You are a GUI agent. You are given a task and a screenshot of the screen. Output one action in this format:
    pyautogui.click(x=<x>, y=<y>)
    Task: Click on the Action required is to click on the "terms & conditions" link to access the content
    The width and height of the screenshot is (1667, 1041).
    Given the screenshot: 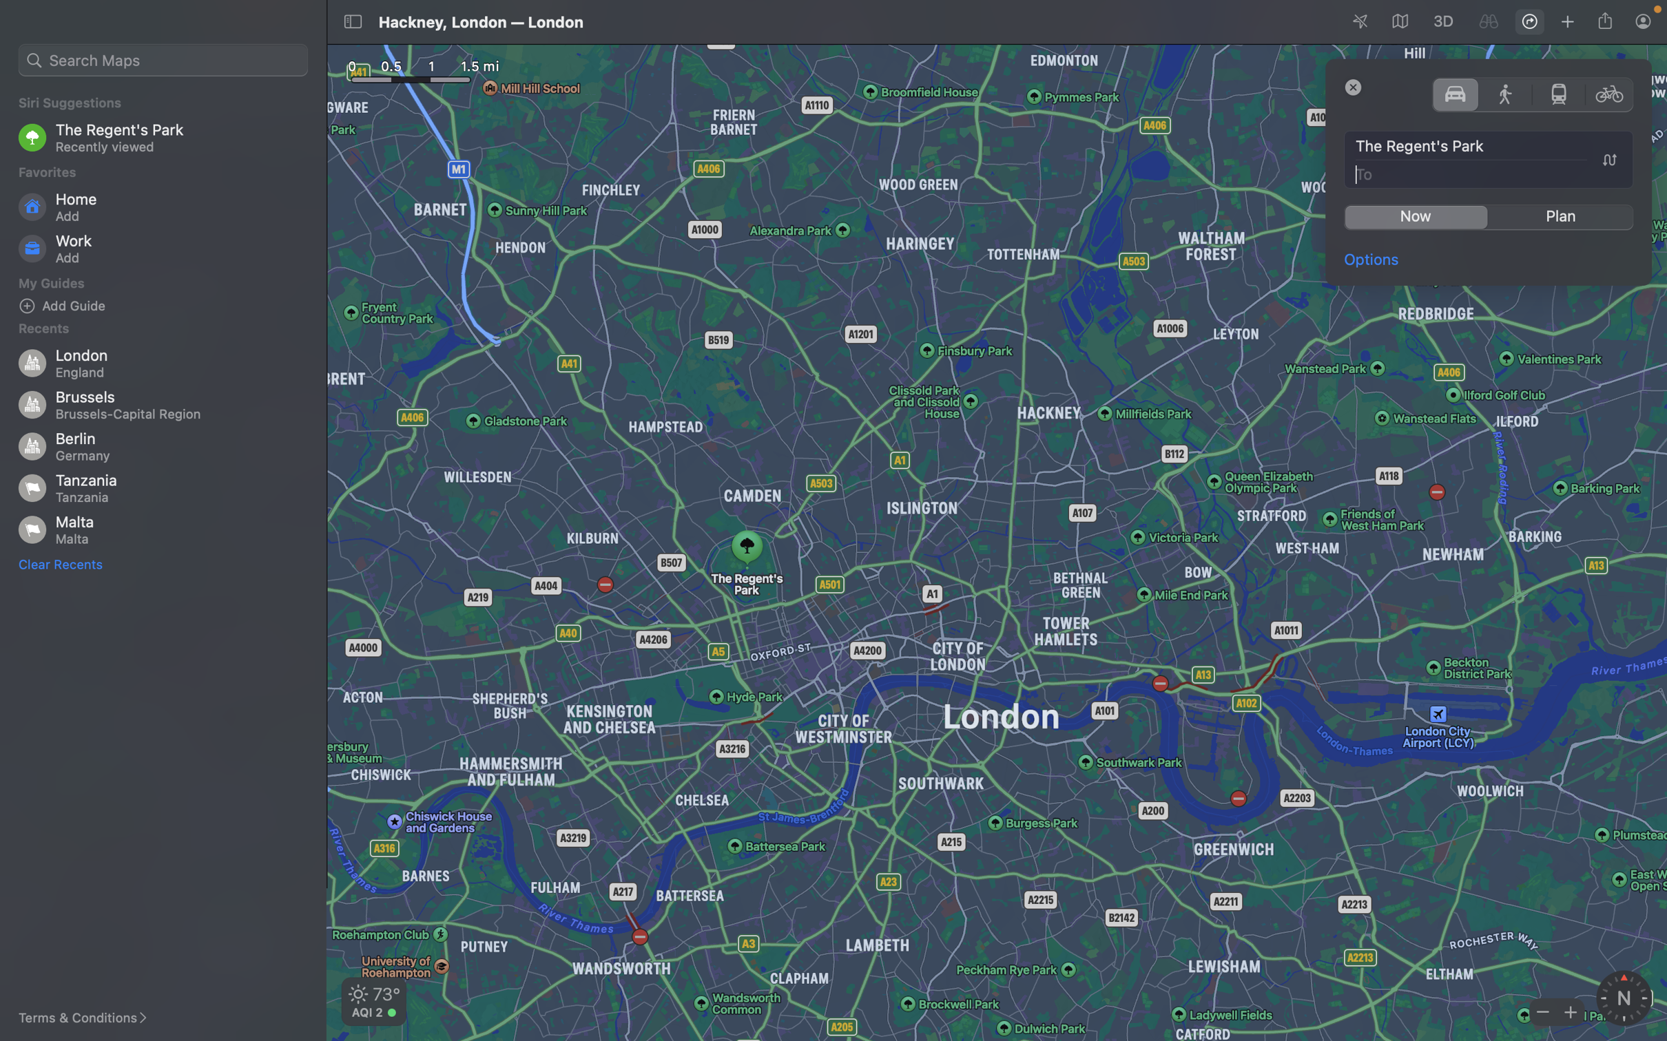 What is the action you would take?
    pyautogui.click(x=91, y=1018)
    